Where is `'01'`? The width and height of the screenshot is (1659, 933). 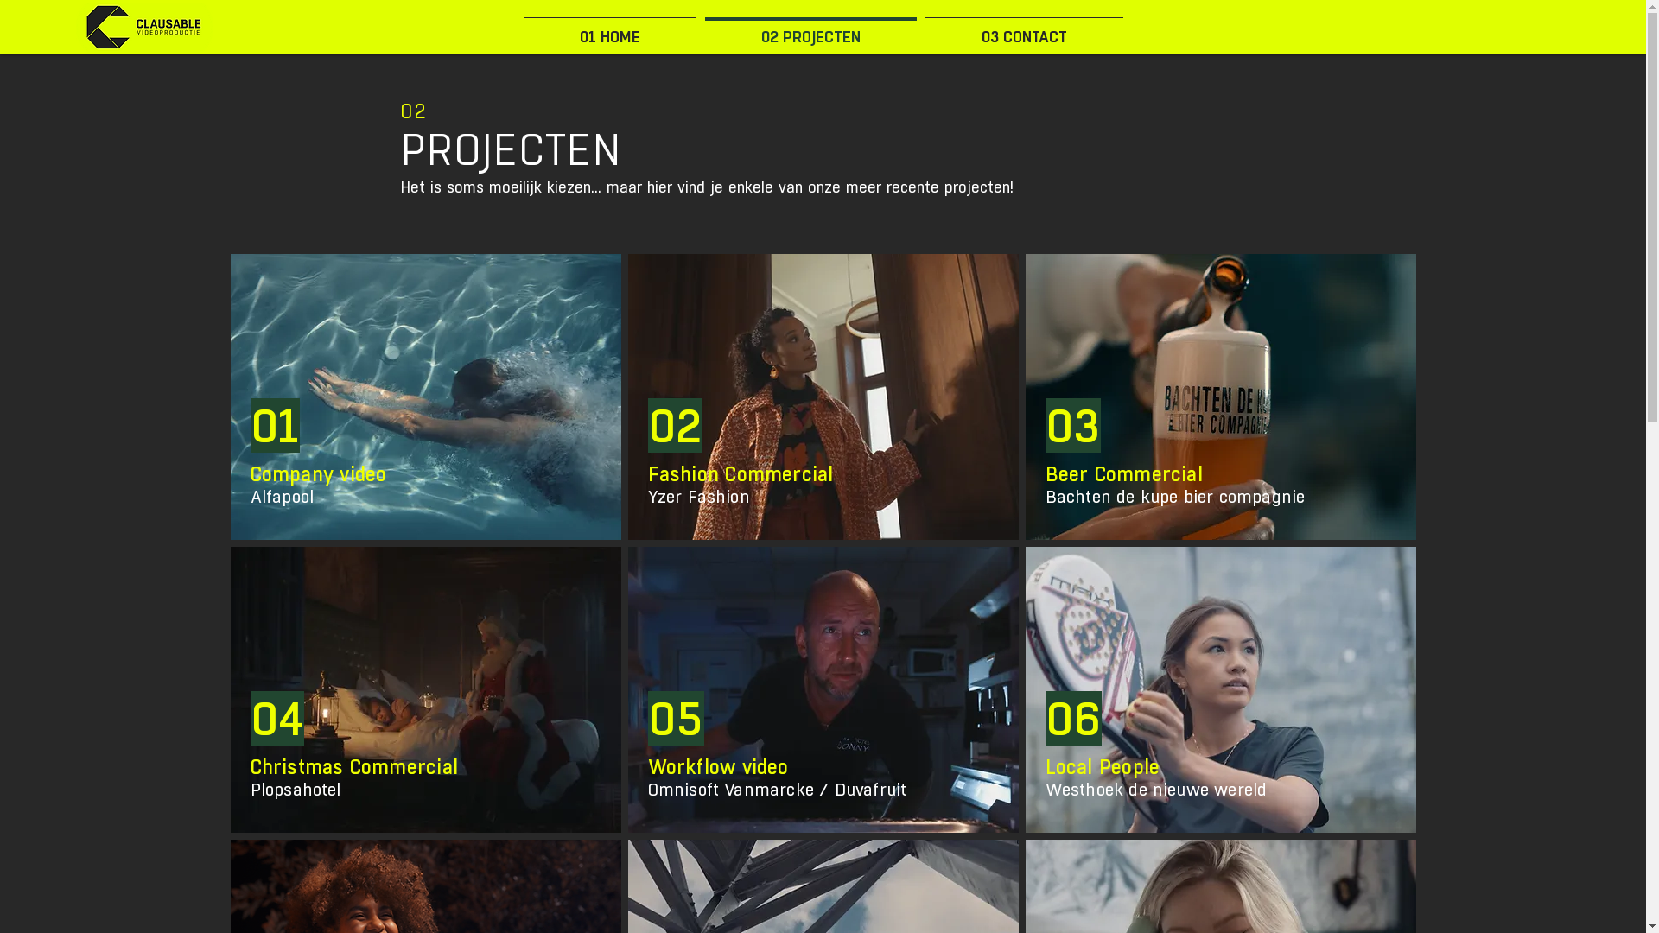
'01' is located at coordinates (274, 426).